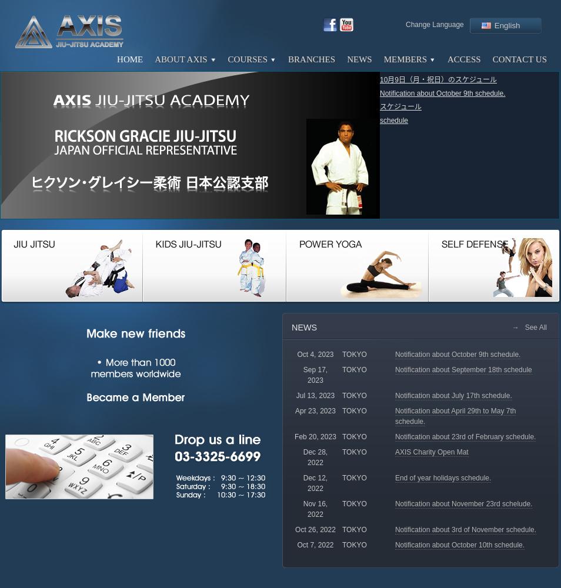 The image size is (561, 588). What do you see at coordinates (448, 59) in the screenshot?
I see `'Access'` at bounding box center [448, 59].